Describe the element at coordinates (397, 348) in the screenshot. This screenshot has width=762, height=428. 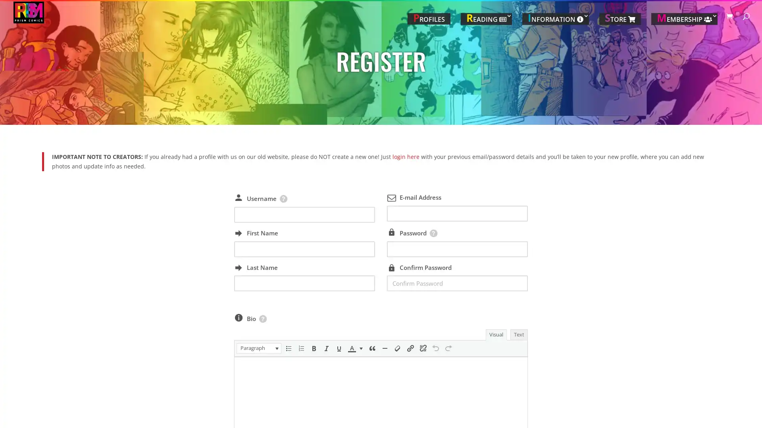
I see `Clear formatting` at that location.